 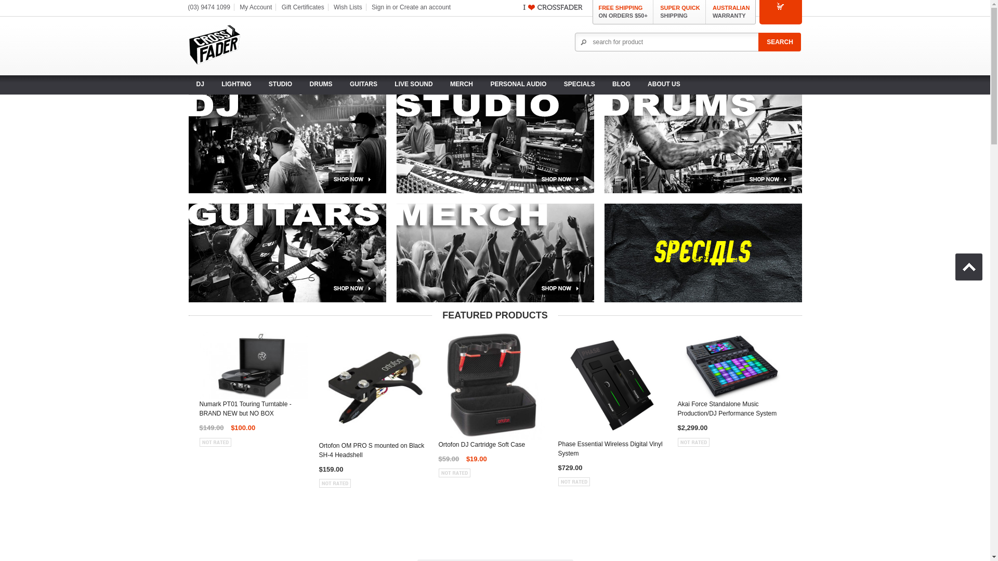 What do you see at coordinates (703, 252) in the screenshot?
I see `'Crossfader Specials'` at bounding box center [703, 252].